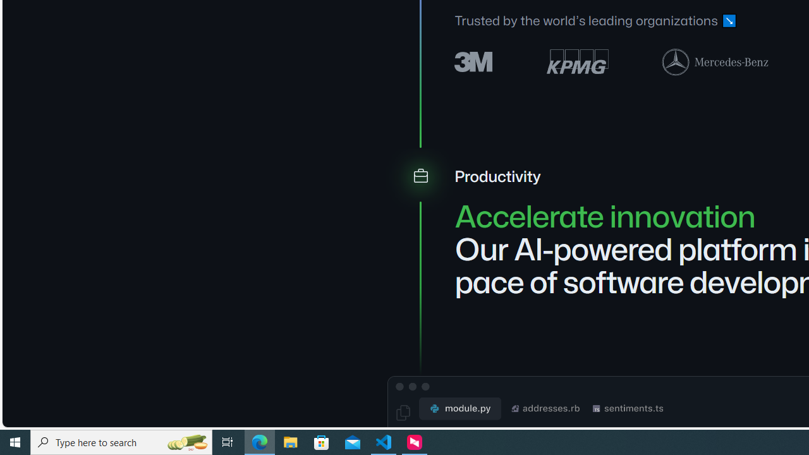  What do you see at coordinates (259, 441) in the screenshot?
I see `'Microsoft Edge - 1 running window'` at bounding box center [259, 441].